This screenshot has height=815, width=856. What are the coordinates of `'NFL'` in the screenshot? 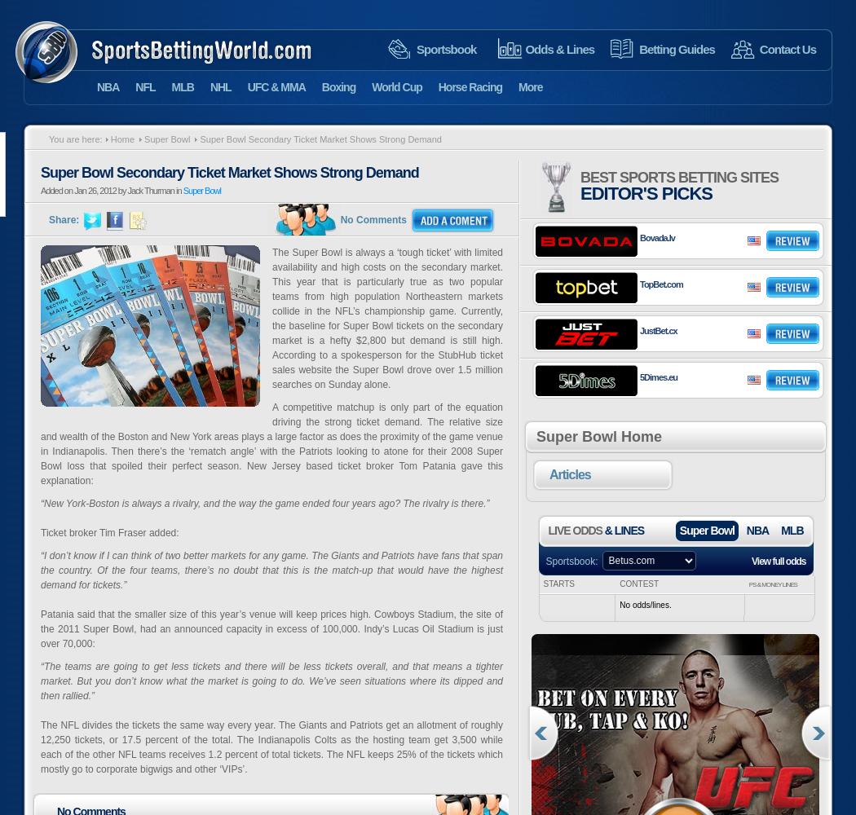 It's located at (144, 86).